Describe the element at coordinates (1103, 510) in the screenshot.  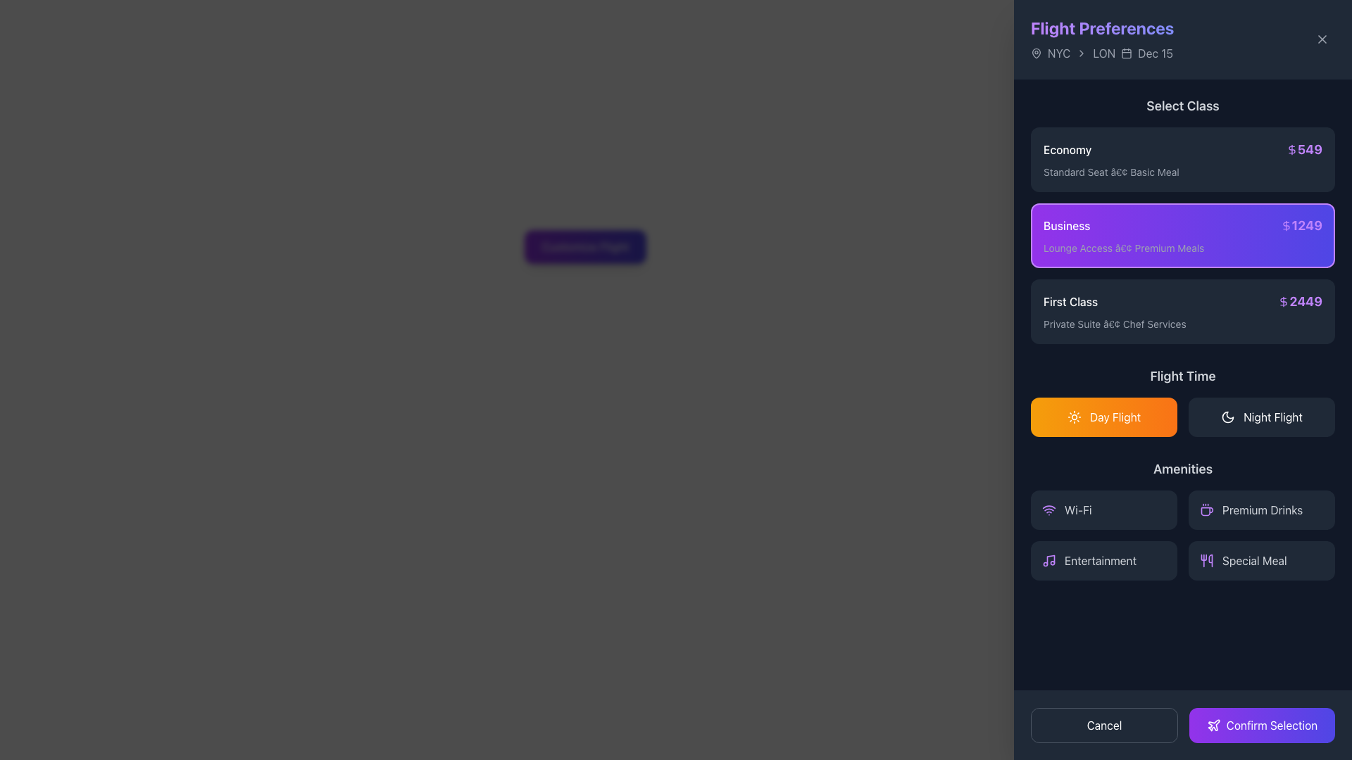
I see `the Wi-Fi option button, which is the first button in the grid layout under the 'Amenities' section` at that location.